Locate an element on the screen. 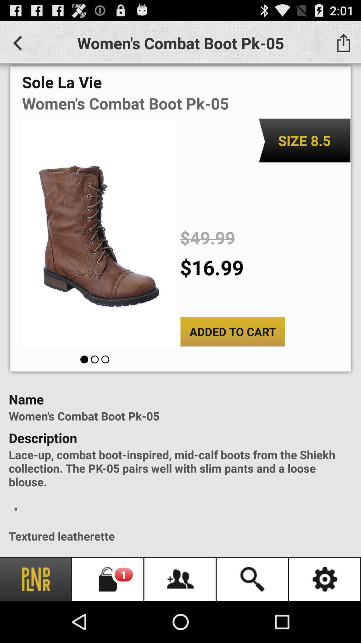 This screenshot has width=361, height=643. item above the name item is located at coordinates (232, 332).